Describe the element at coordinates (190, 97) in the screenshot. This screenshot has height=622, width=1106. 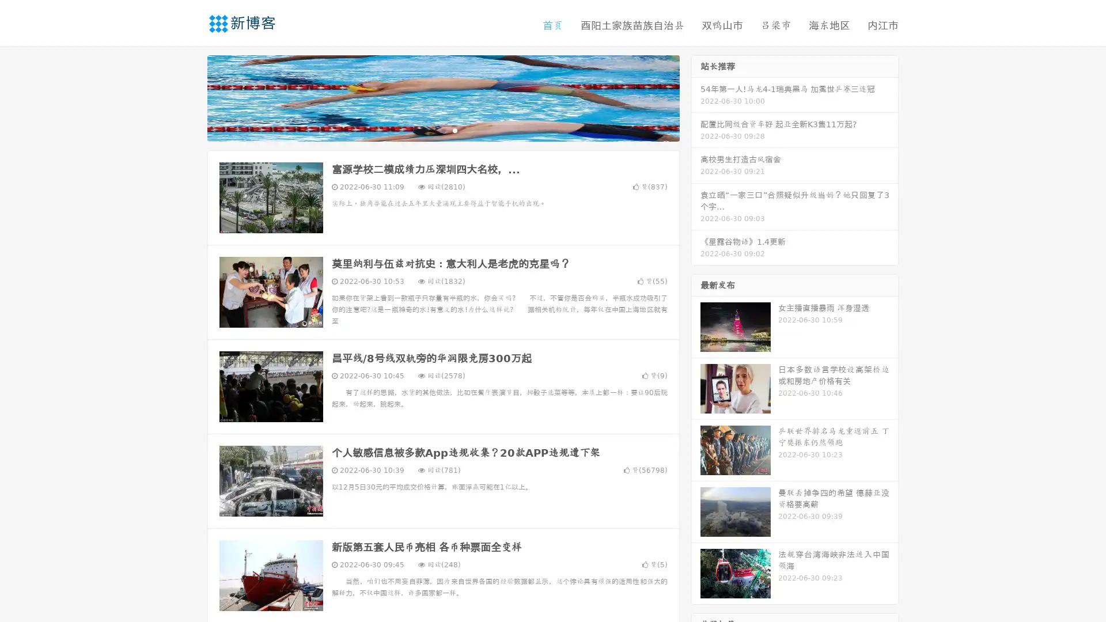
I see `Previous slide` at that location.